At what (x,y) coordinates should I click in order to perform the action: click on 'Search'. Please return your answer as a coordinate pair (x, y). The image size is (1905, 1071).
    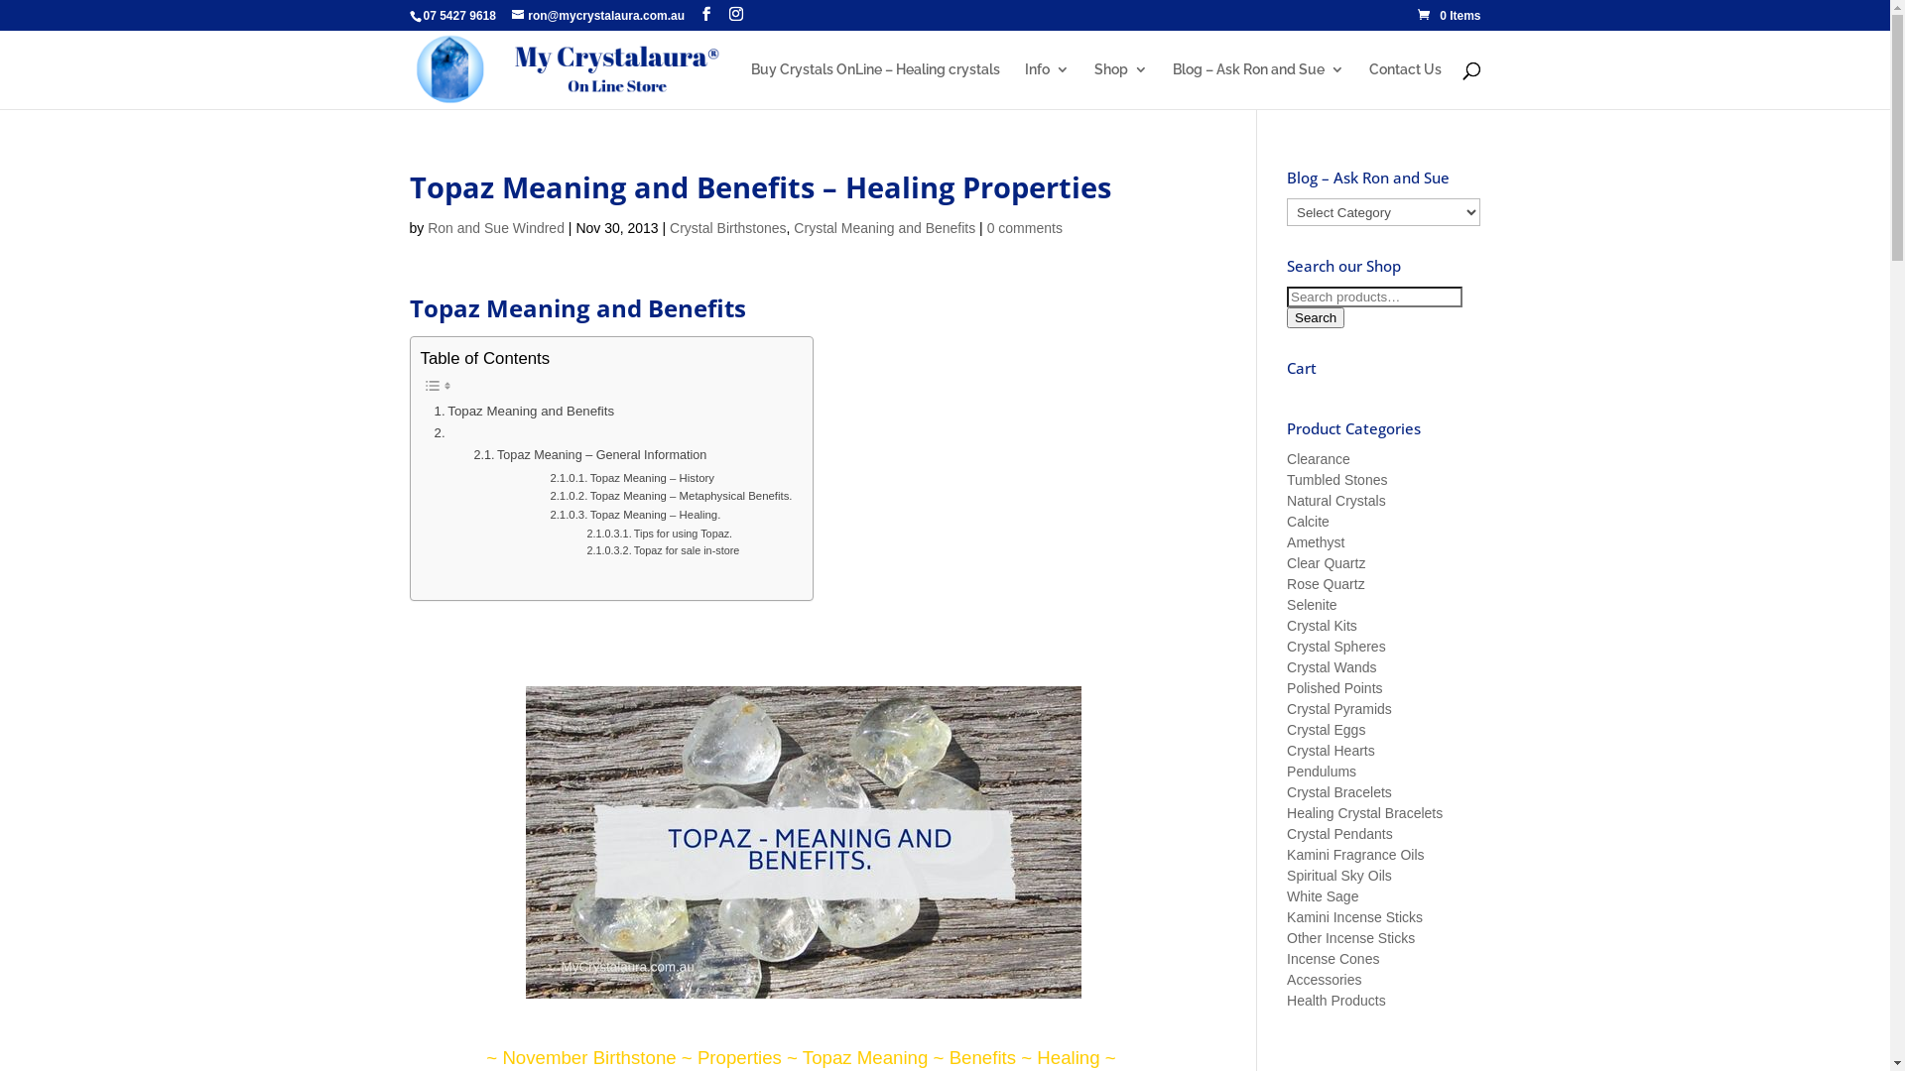
    Looking at the image, I should click on (1315, 316).